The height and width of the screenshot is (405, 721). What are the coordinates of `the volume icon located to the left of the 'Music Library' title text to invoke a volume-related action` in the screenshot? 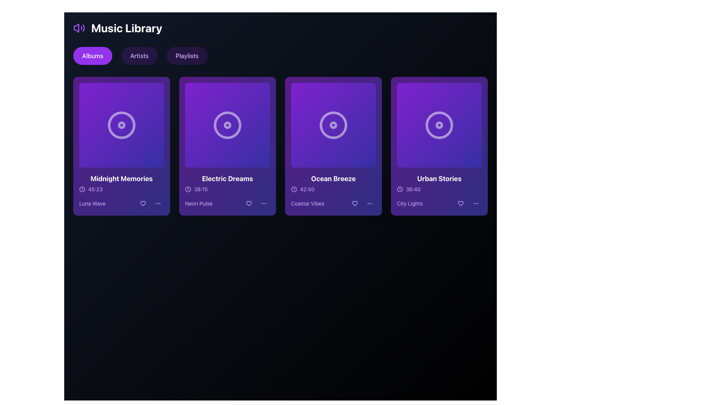 It's located at (79, 27).